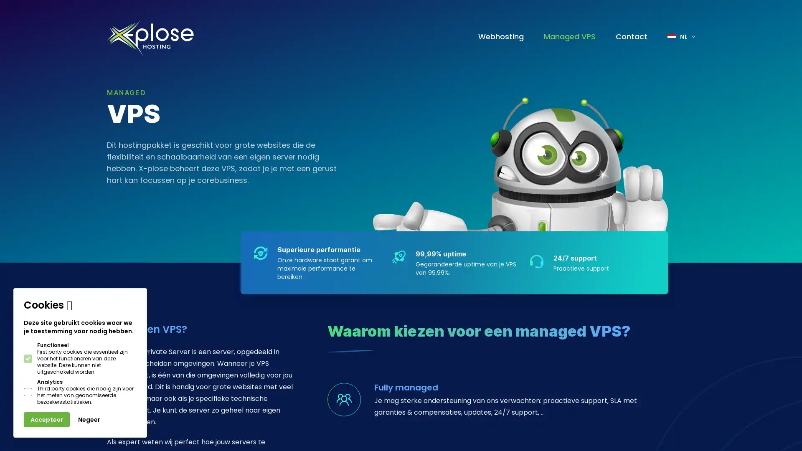 Image resolution: width=802 pixels, height=451 pixels. What do you see at coordinates (46, 420) in the screenshot?
I see `Accepteer` at bounding box center [46, 420].